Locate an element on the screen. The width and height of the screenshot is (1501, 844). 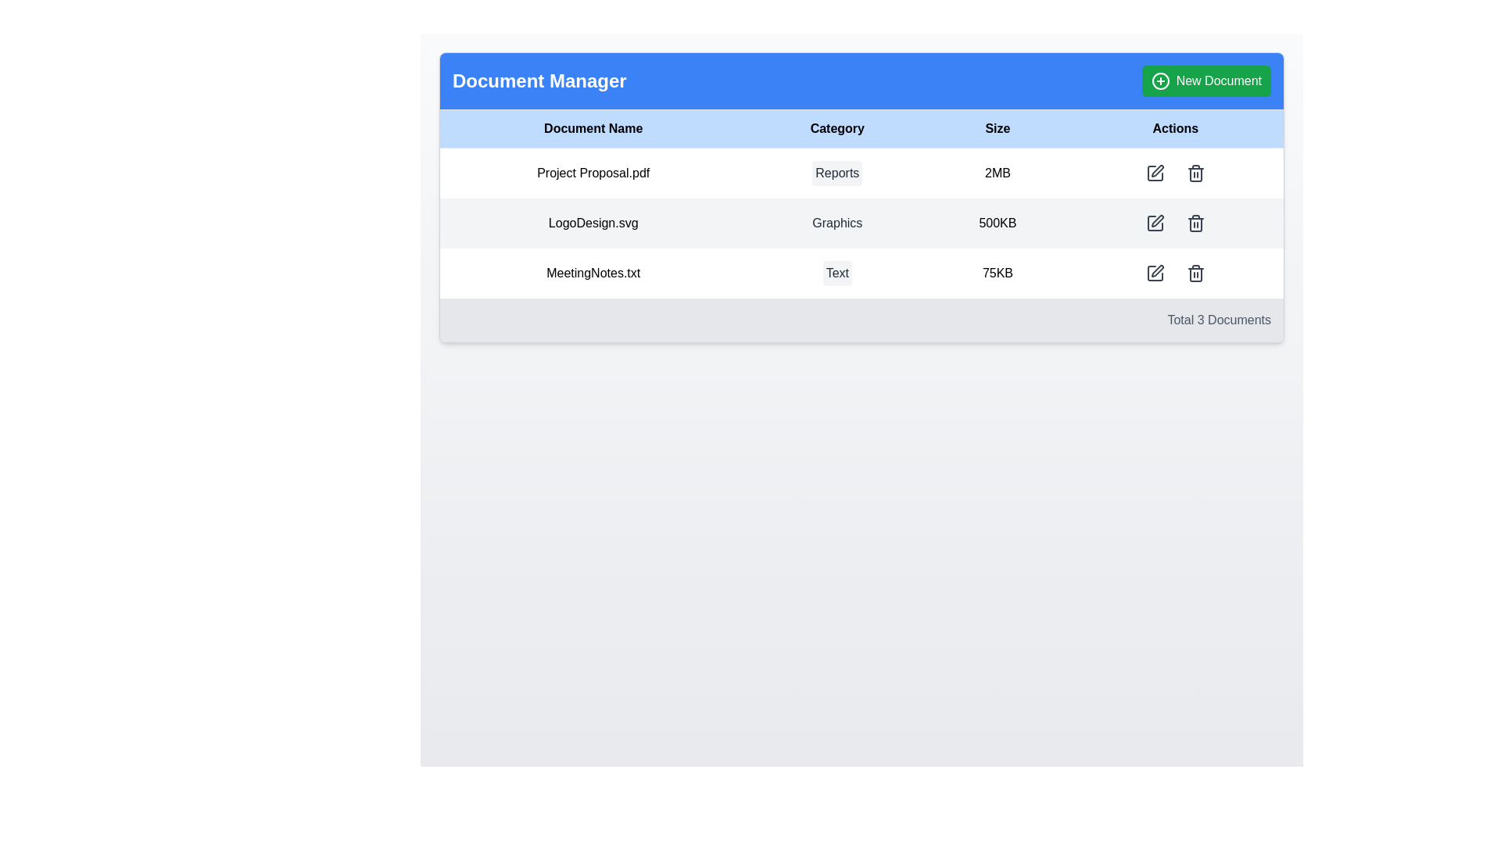
the static label containing the text 'Graphics', which is styled with a light gray background and dark gray text, located in the second column of the second row in the table under the 'Document Manager' header is located at coordinates (836, 223).